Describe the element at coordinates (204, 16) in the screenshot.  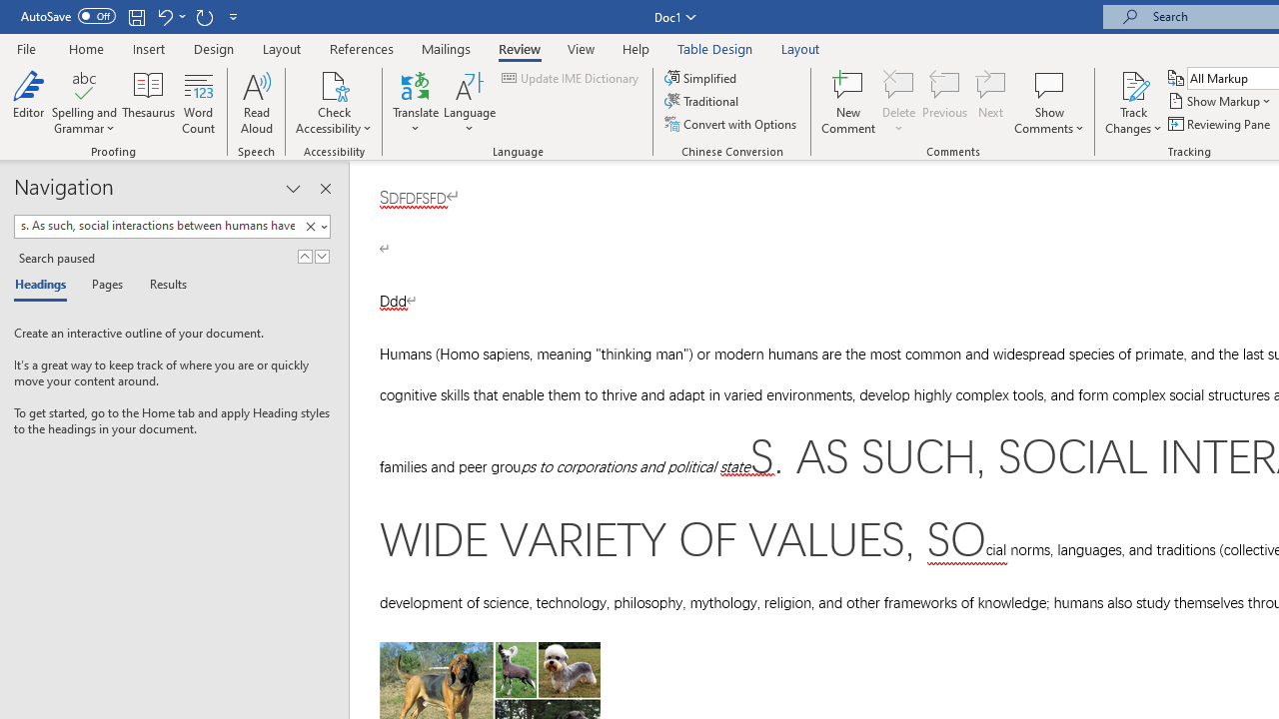
I see `'Repeat Style'` at that location.